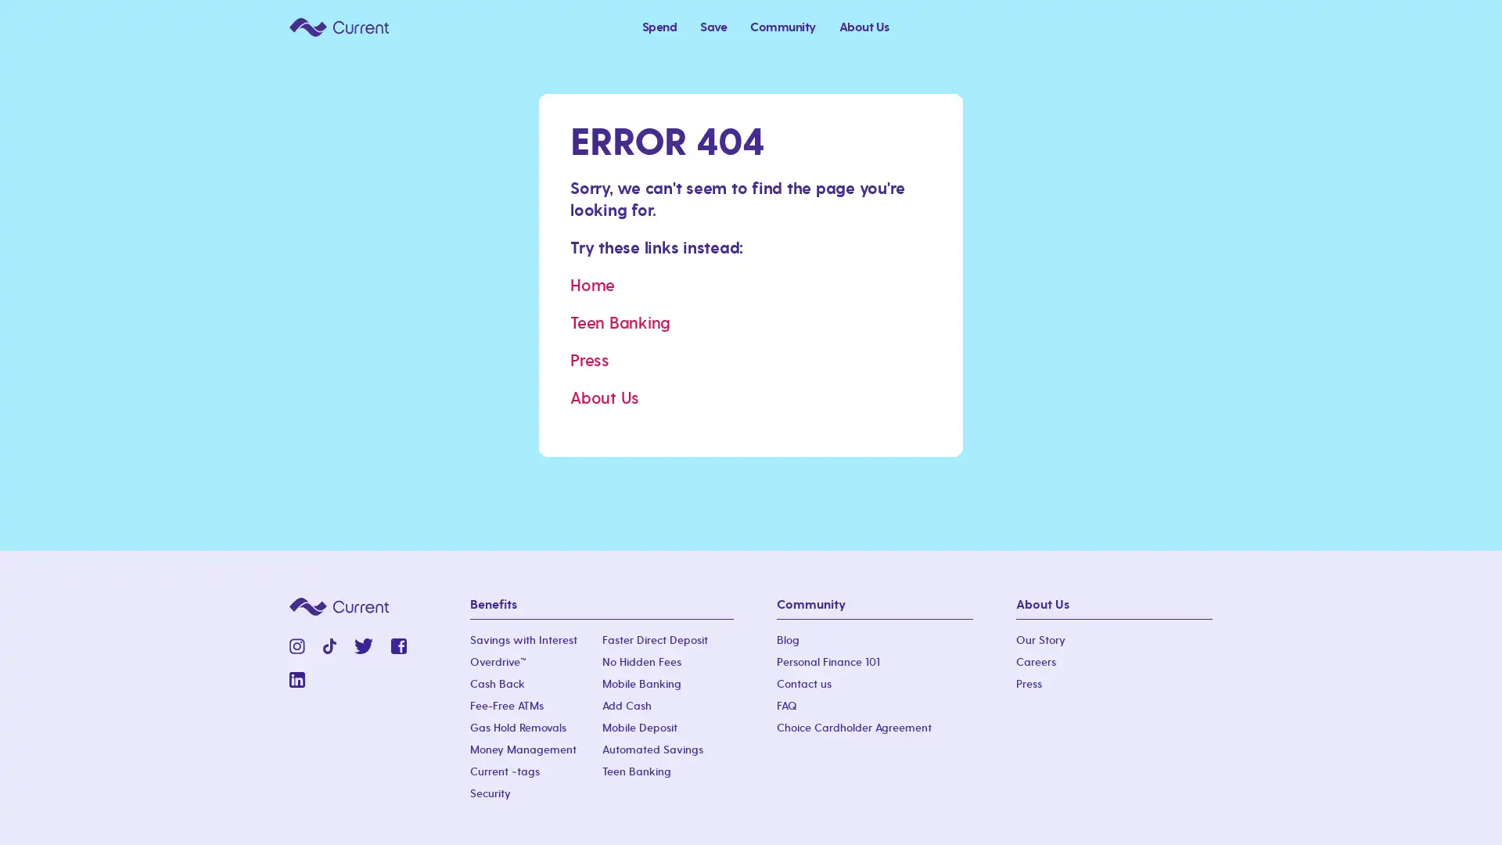 The image size is (1502, 845). I want to click on No Hidden Fees, so click(641, 663).